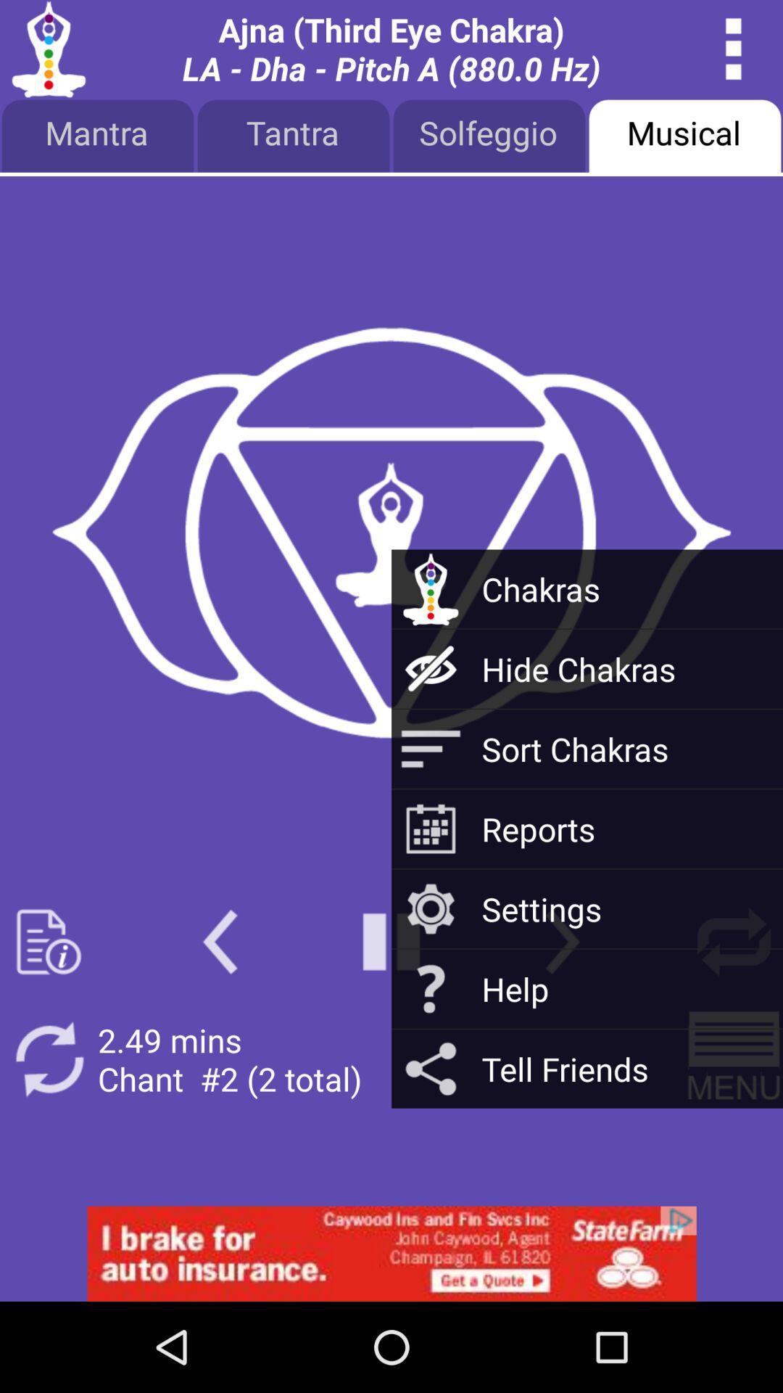  I want to click on activate repeat song option, so click(48, 1059).